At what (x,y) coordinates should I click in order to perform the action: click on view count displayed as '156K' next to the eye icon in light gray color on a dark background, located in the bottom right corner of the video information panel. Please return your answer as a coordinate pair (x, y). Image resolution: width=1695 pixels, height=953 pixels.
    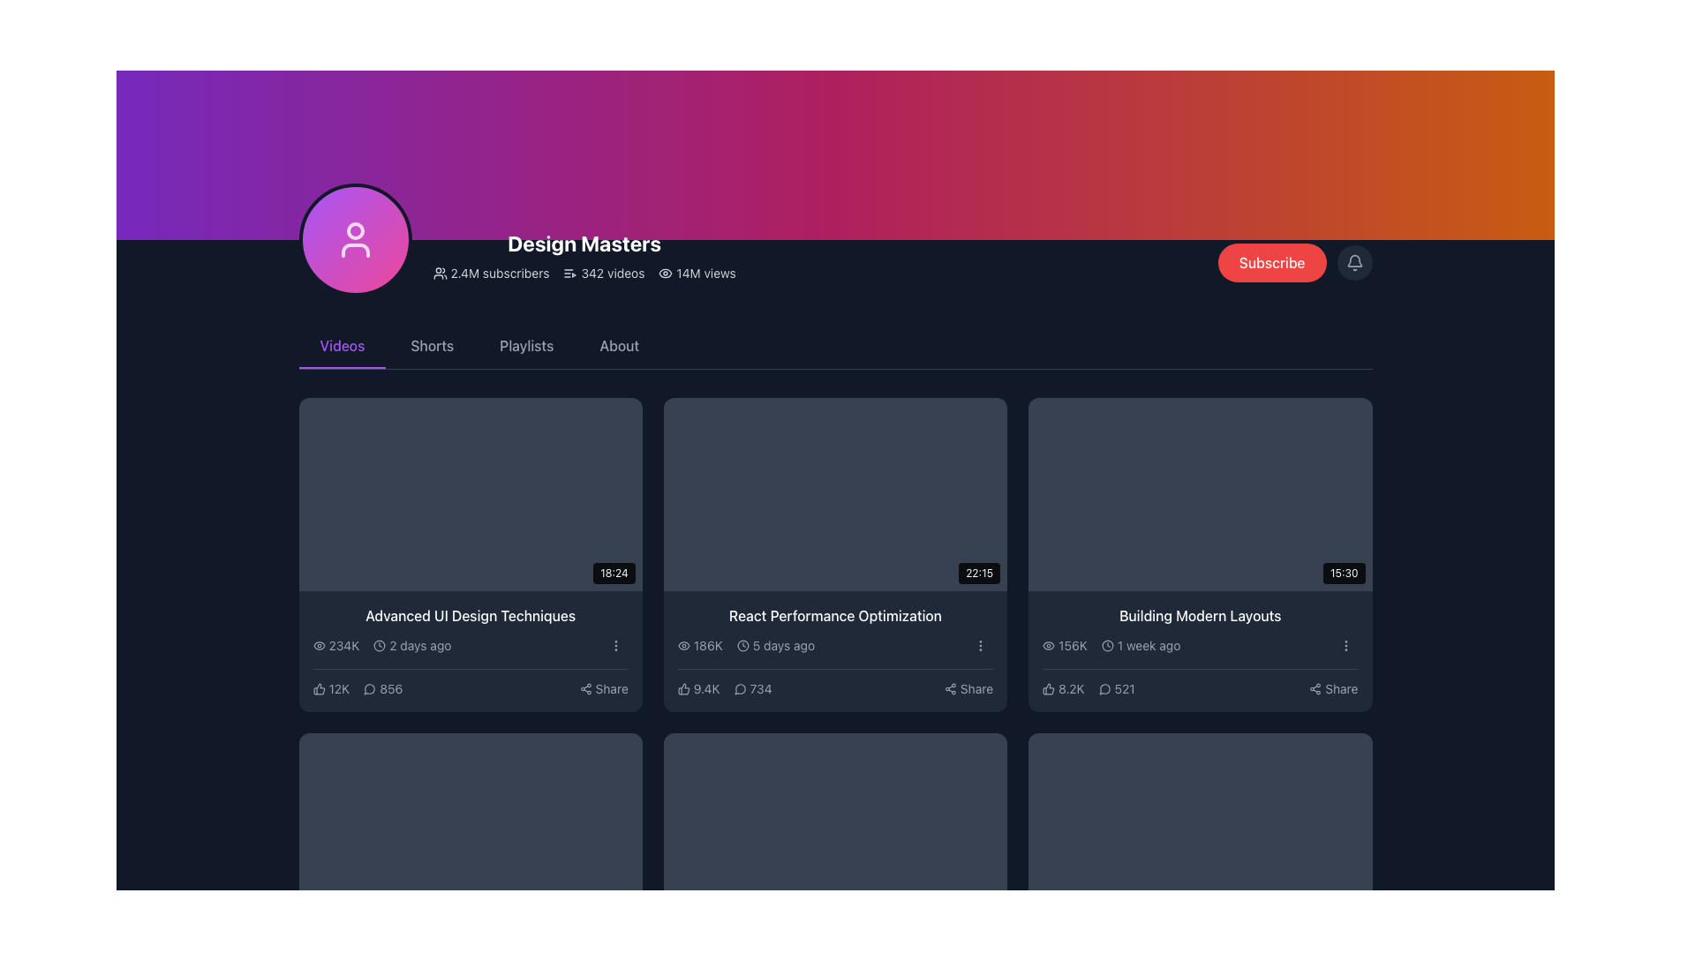
    Looking at the image, I should click on (1064, 646).